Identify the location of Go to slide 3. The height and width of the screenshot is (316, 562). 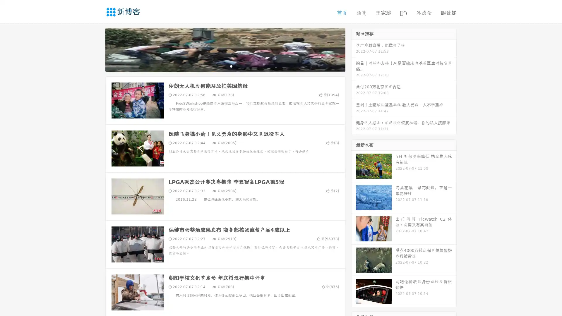
(231, 66).